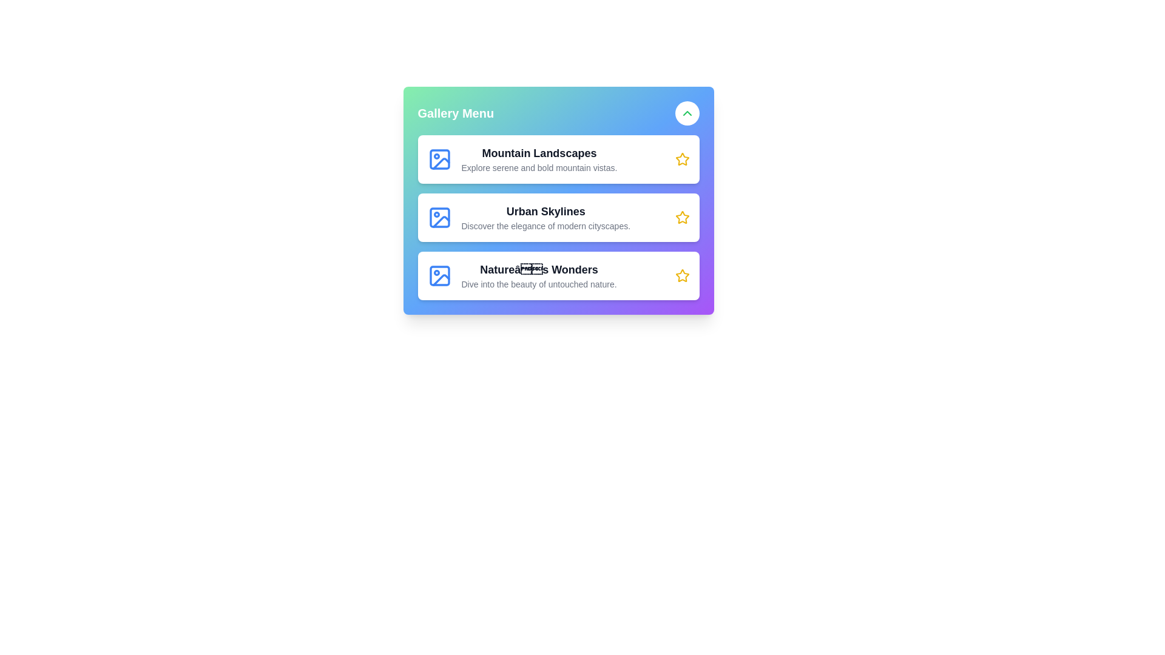 The height and width of the screenshot is (655, 1165). What do you see at coordinates (682, 217) in the screenshot?
I see `the star icon corresponding to the gallery item Urban Skylines to mark it as a favorite` at bounding box center [682, 217].